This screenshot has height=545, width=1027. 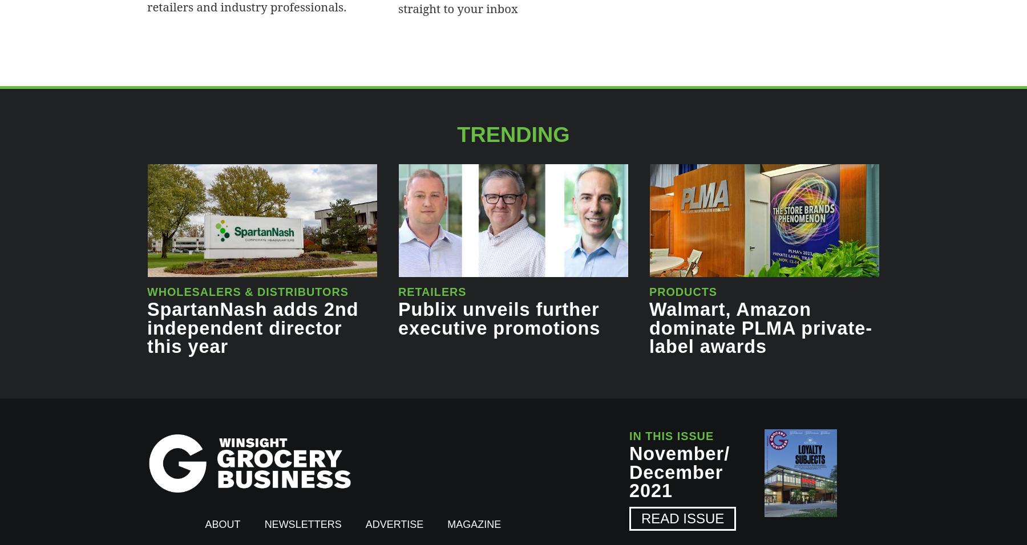 I want to click on 'Walmart, Amazon dominate PLMA private-label awards', so click(x=648, y=327).